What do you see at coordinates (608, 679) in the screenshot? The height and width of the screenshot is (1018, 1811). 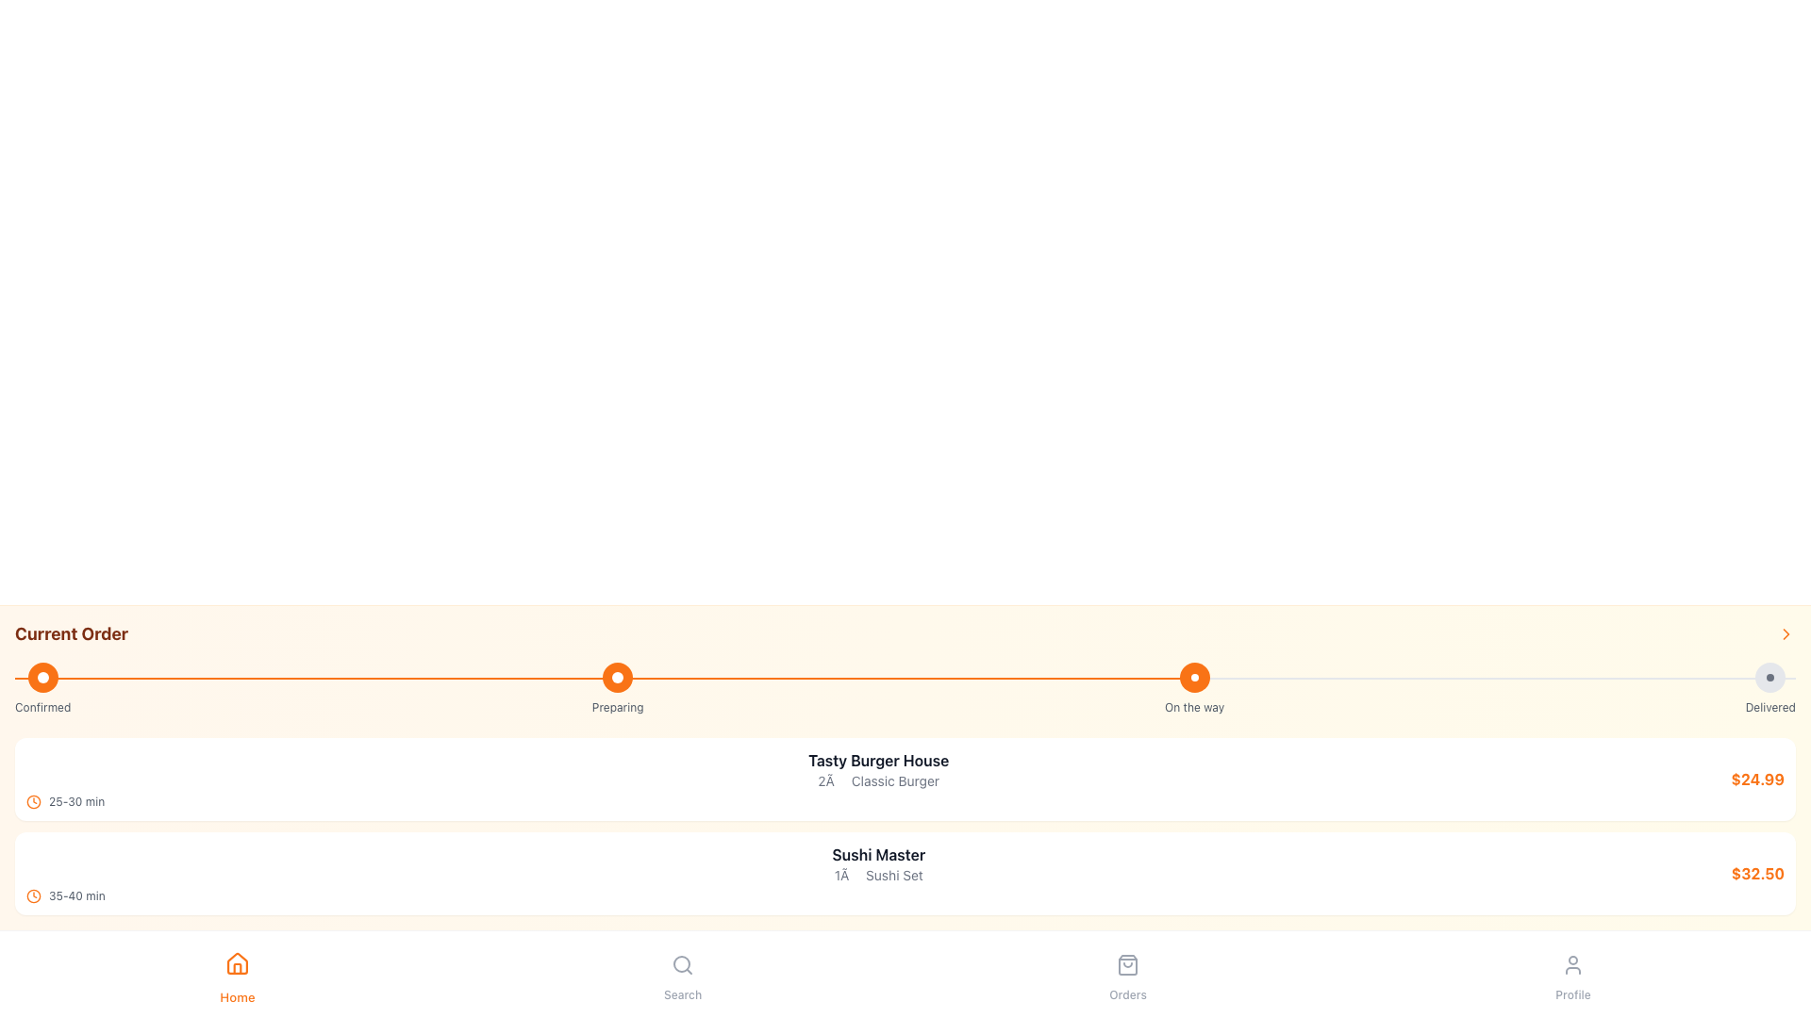 I see `visual representation of the vibrant orange progress bar segment, which occupies two-thirds of the total bar width and is located within a horizontal progress bar with a light gray background` at bounding box center [608, 679].